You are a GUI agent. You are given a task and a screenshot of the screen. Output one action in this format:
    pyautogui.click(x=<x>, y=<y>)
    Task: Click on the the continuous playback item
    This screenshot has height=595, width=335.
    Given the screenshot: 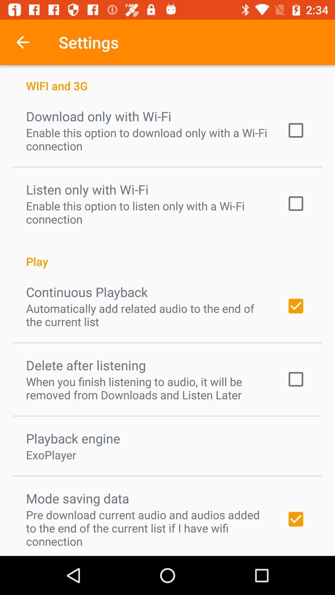 What is the action you would take?
    pyautogui.click(x=87, y=291)
    